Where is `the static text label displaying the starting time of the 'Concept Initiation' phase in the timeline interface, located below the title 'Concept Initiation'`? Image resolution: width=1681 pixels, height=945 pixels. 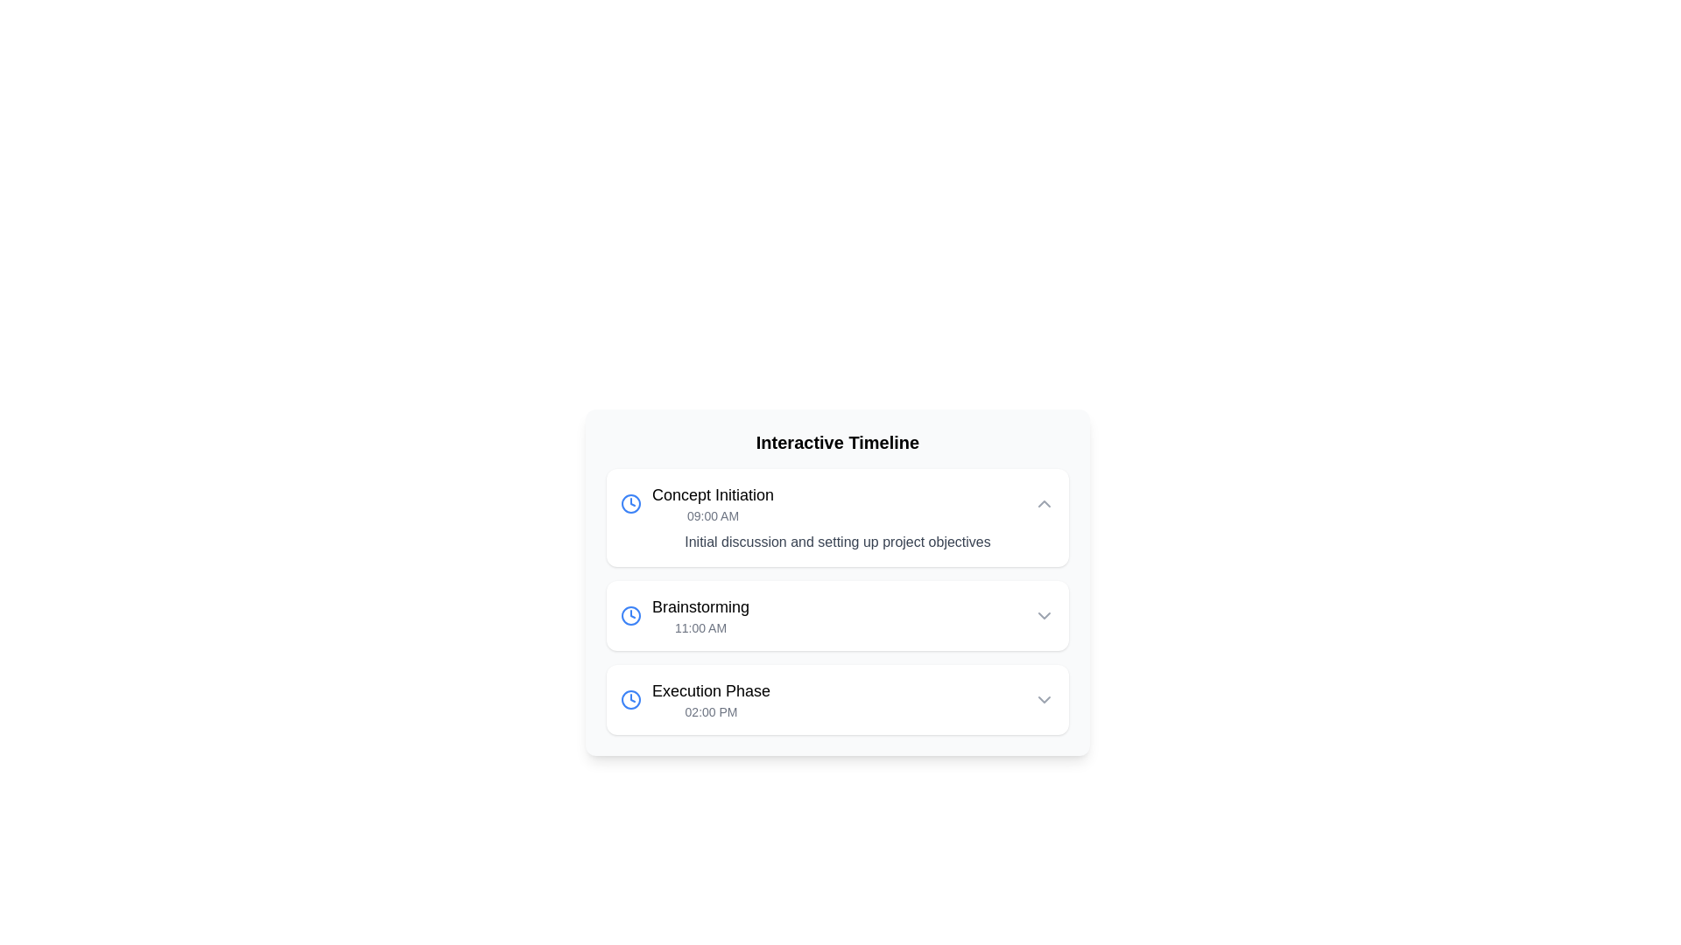
the static text label displaying the starting time of the 'Concept Initiation' phase in the timeline interface, located below the title 'Concept Initiation' is located at coordinates (713, 515).